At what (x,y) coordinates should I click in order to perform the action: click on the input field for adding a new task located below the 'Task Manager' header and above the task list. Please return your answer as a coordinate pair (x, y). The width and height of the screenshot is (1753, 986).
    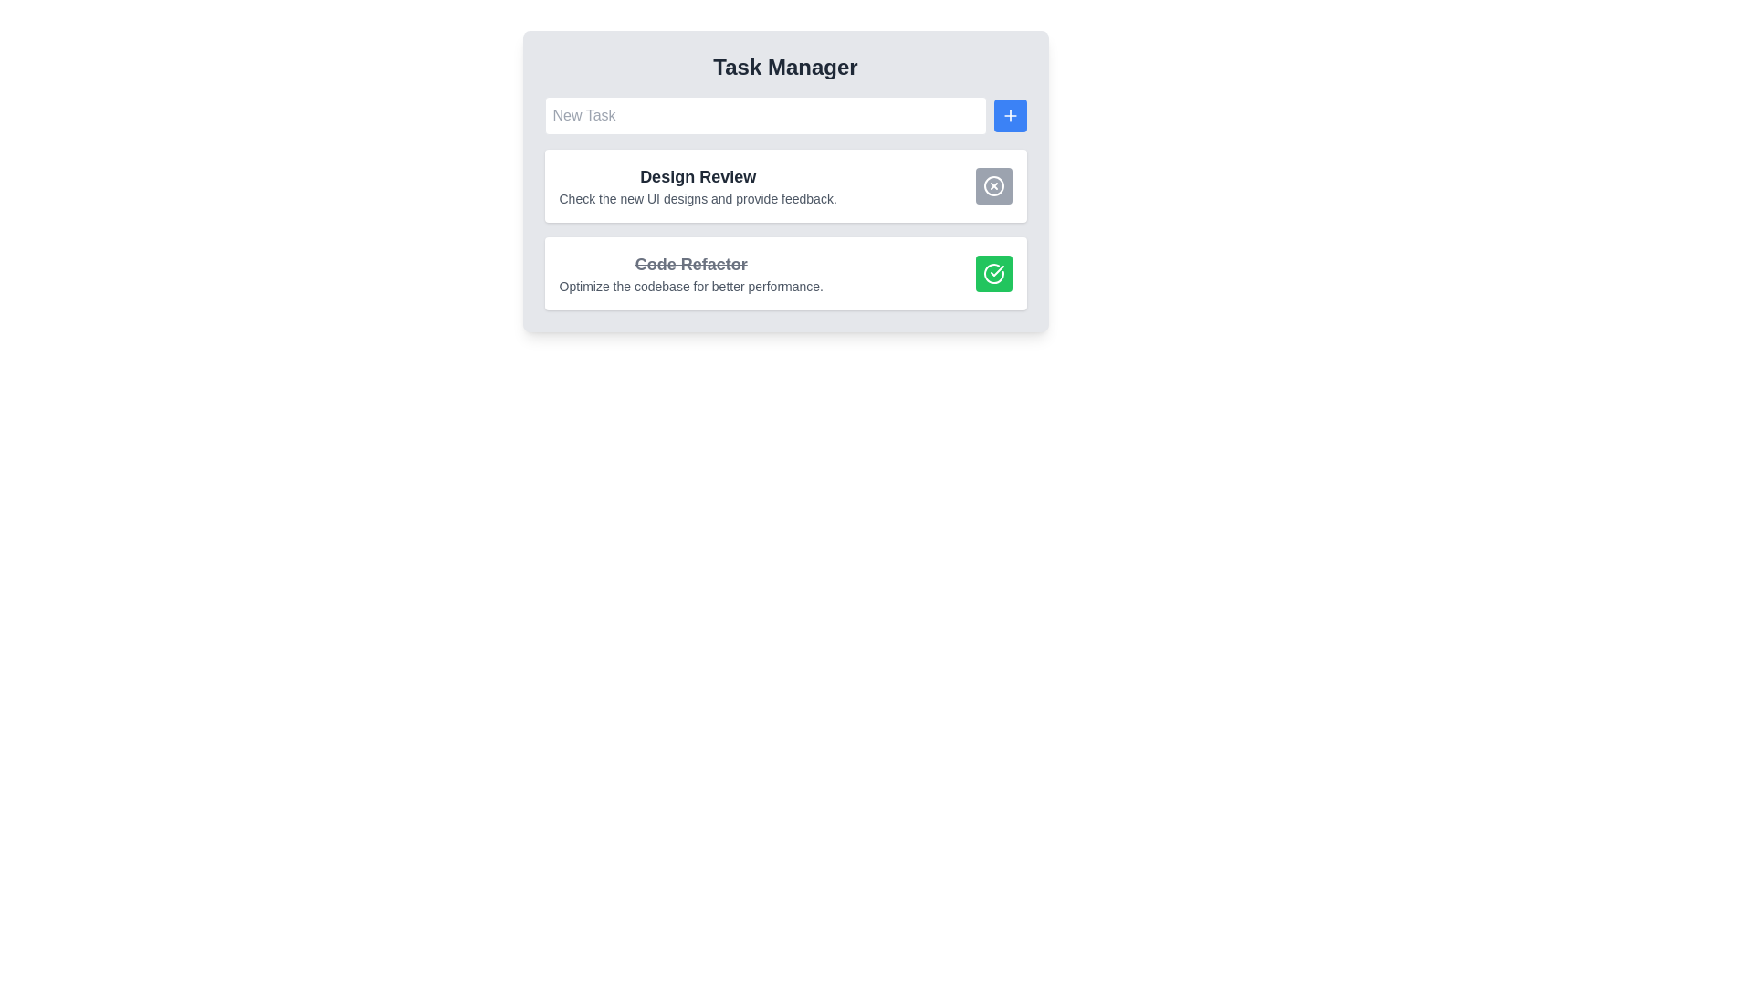
    Looking at the image, I should click on (785, 116).